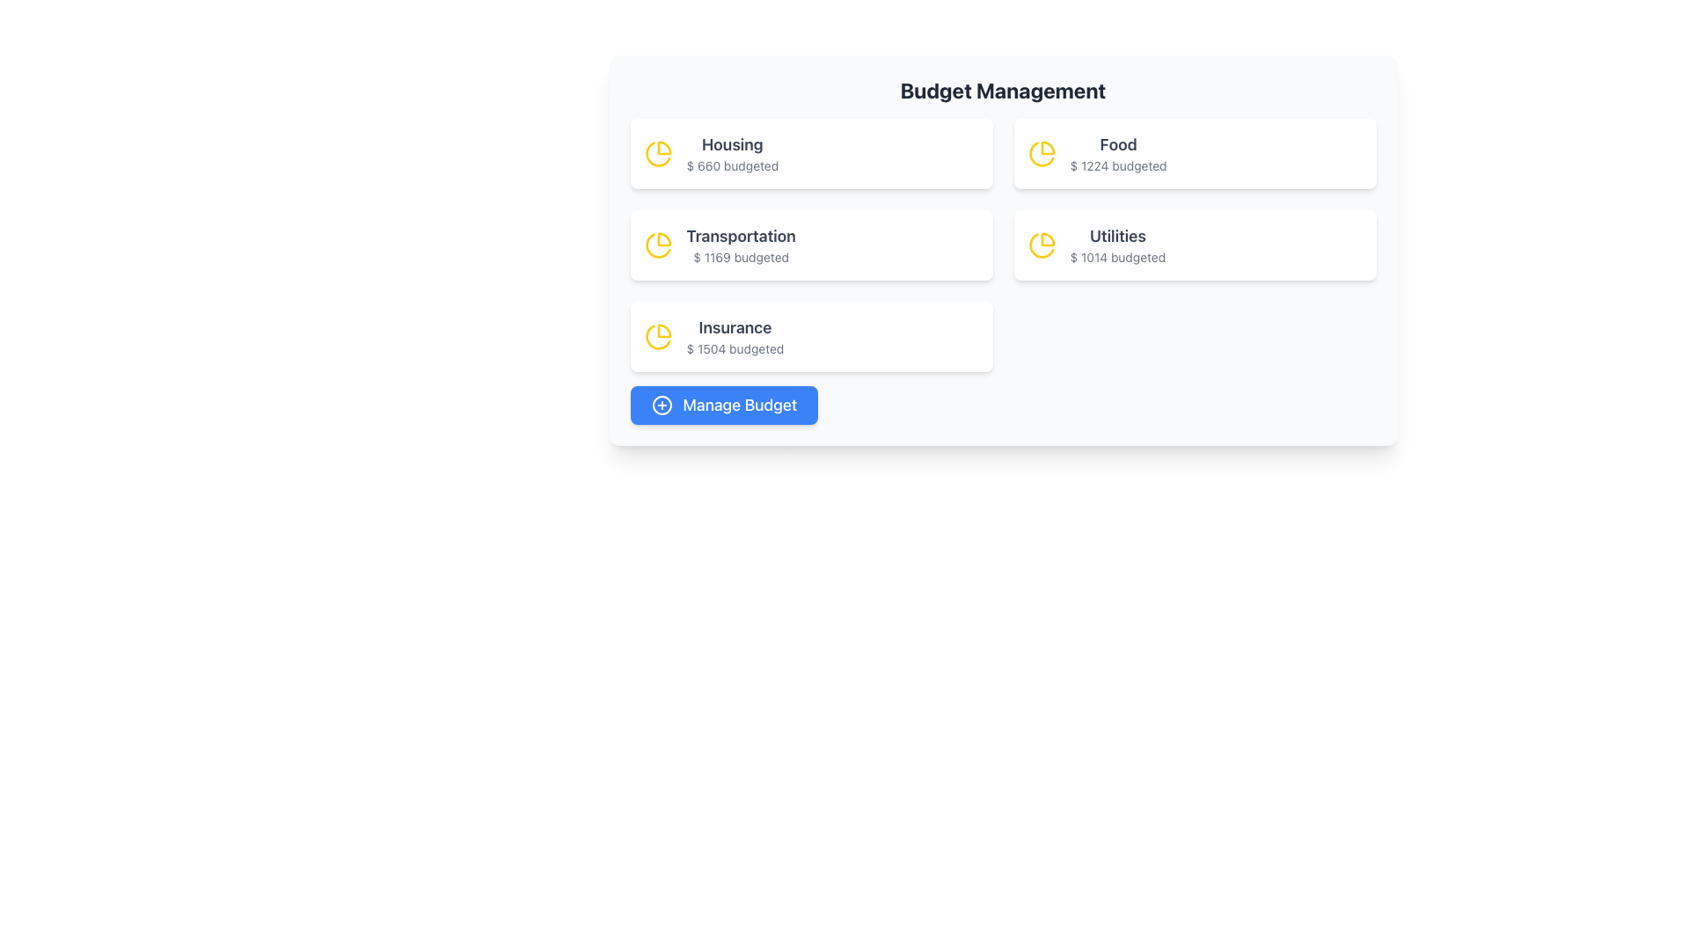 The width and height of the screenshot is (1689, 950). Describe the element at coordinates (724, 406) in the screenshot. I see `the 'Manage Budget' button with a blue background and a plus sign icon using keyboard navigation` at that location.